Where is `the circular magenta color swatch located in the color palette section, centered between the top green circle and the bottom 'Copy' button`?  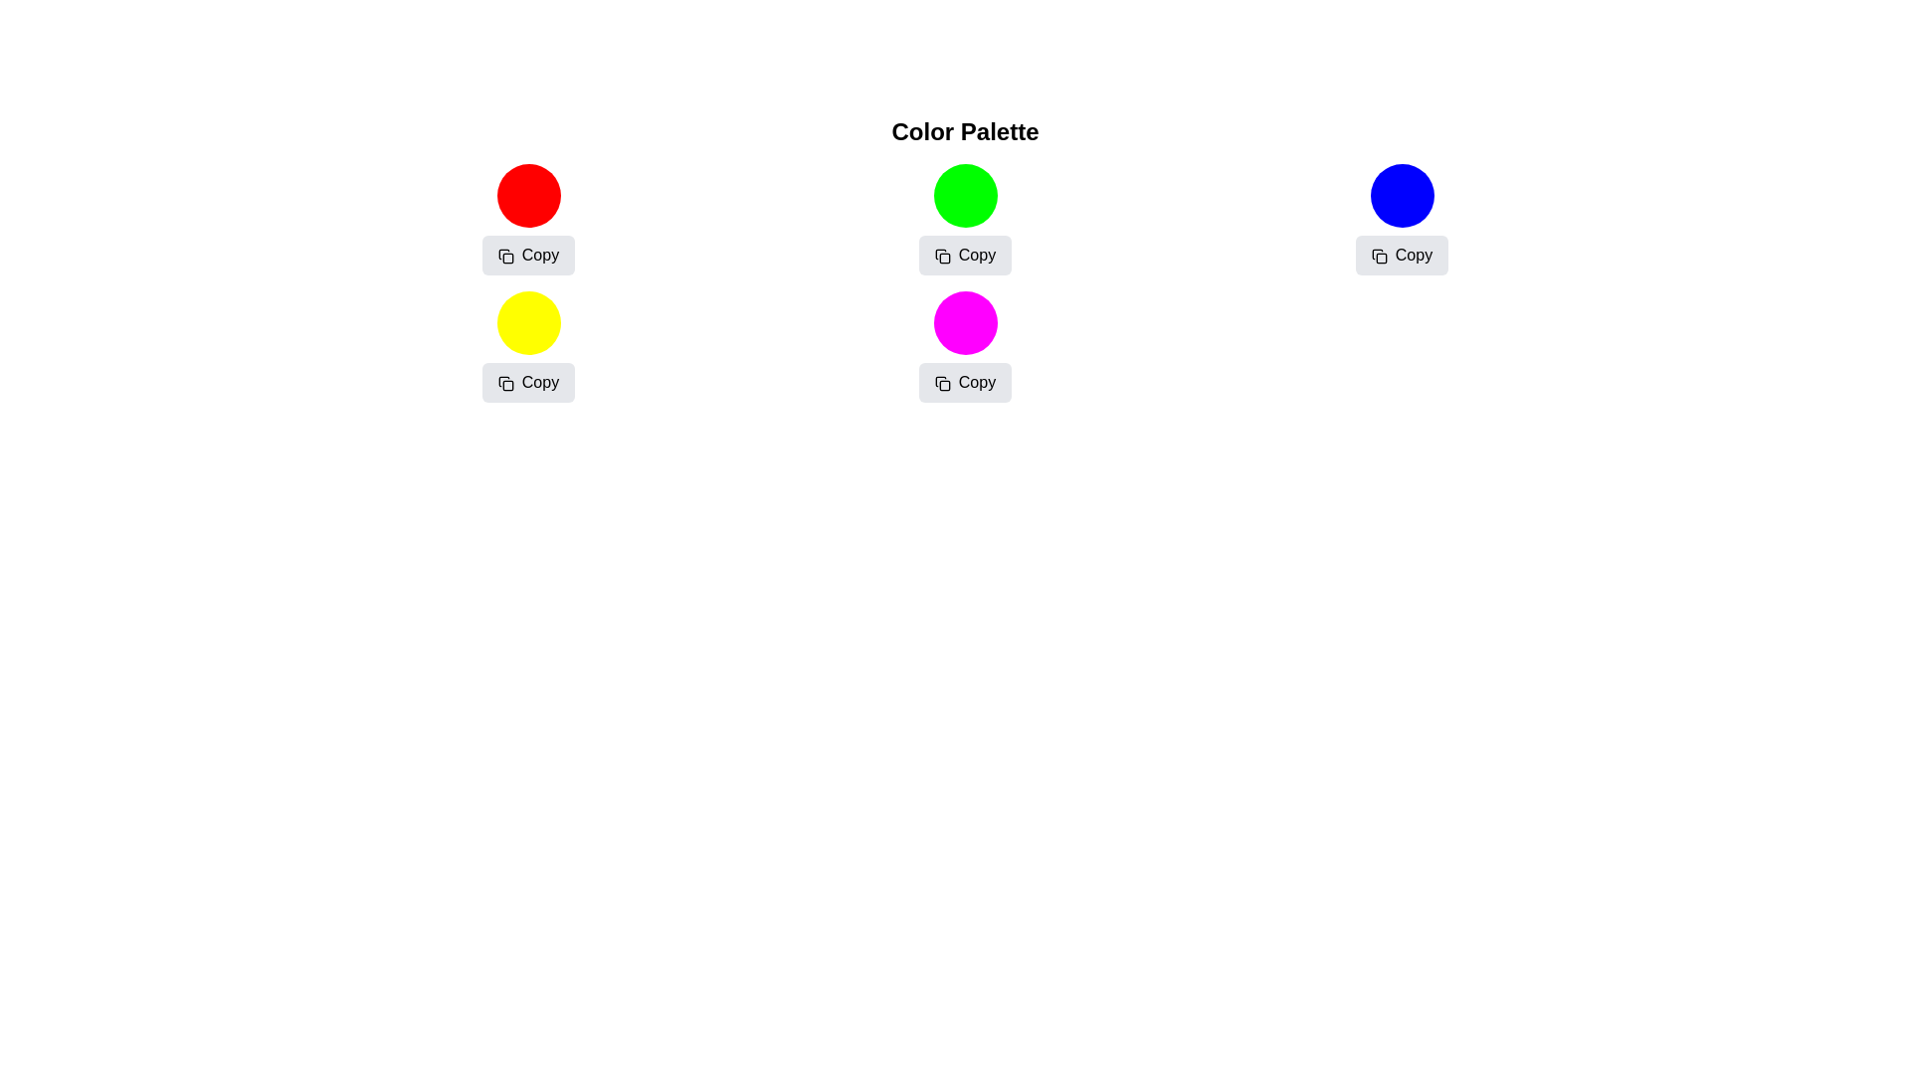
the circular magenta color swatch located in the color palette section, centered between the top green circle and the bottom 'Copy' button is located at coordinates (965, 321).